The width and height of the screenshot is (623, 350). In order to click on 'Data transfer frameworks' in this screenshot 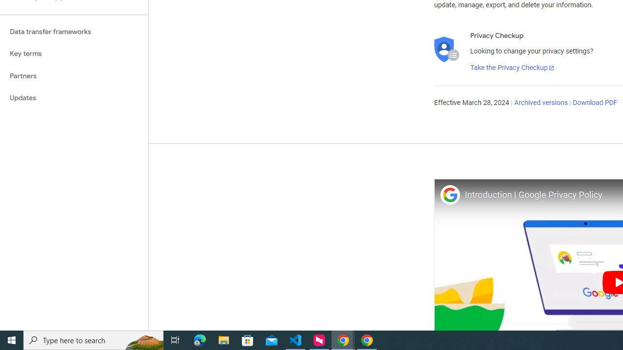, I will do `click(73, 31)`.